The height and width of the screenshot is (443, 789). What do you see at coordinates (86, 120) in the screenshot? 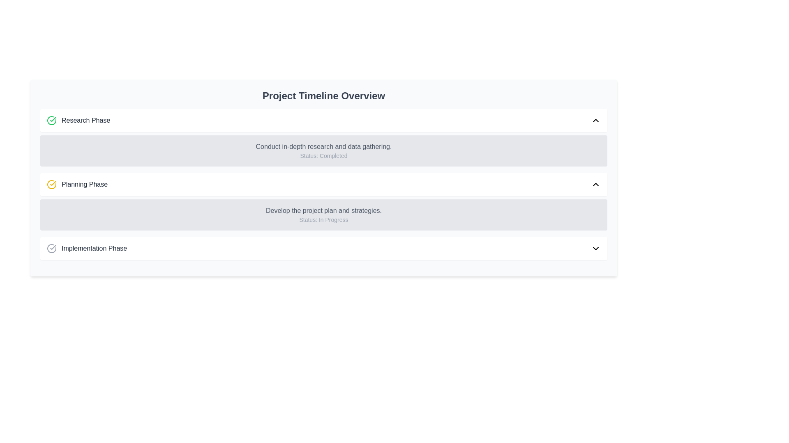
I see `the static text label that denotes the title or status descriptor for a specific phase in the project timeline, located to the right of a green circular checkmark icon` at bounding box center [86, 120].